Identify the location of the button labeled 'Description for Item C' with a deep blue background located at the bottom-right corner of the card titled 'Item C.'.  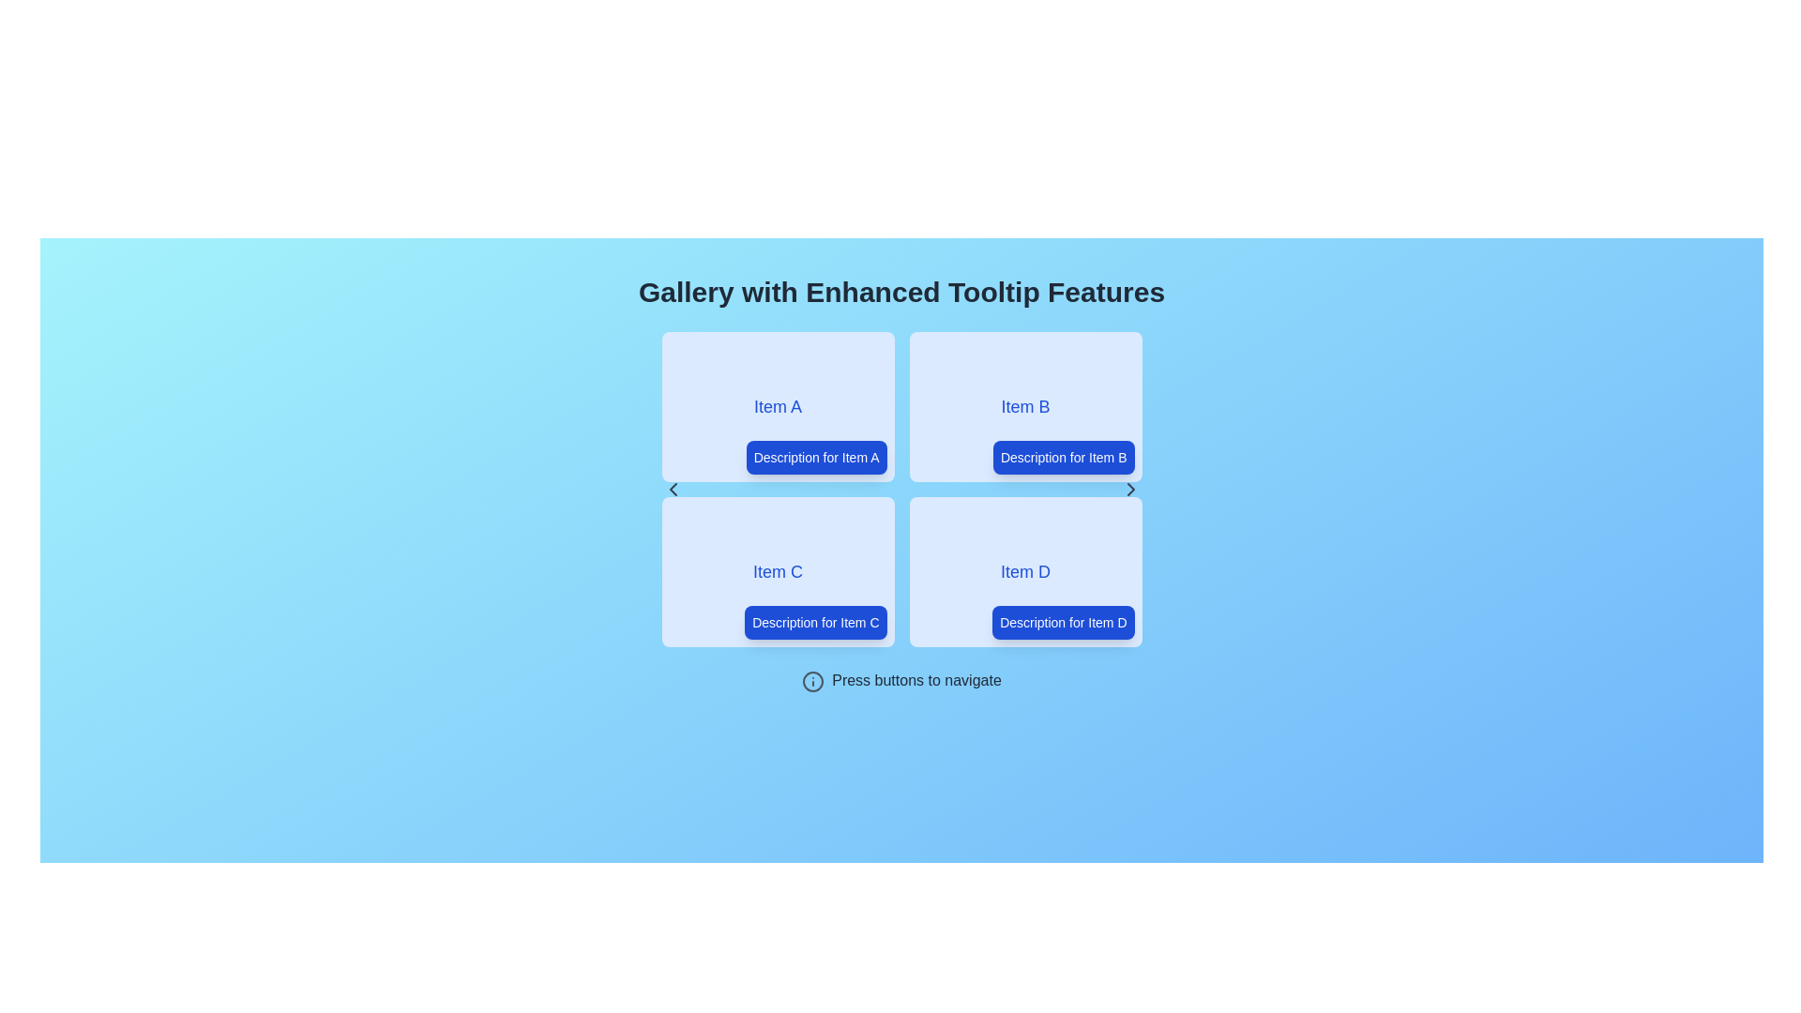
(815, 622).